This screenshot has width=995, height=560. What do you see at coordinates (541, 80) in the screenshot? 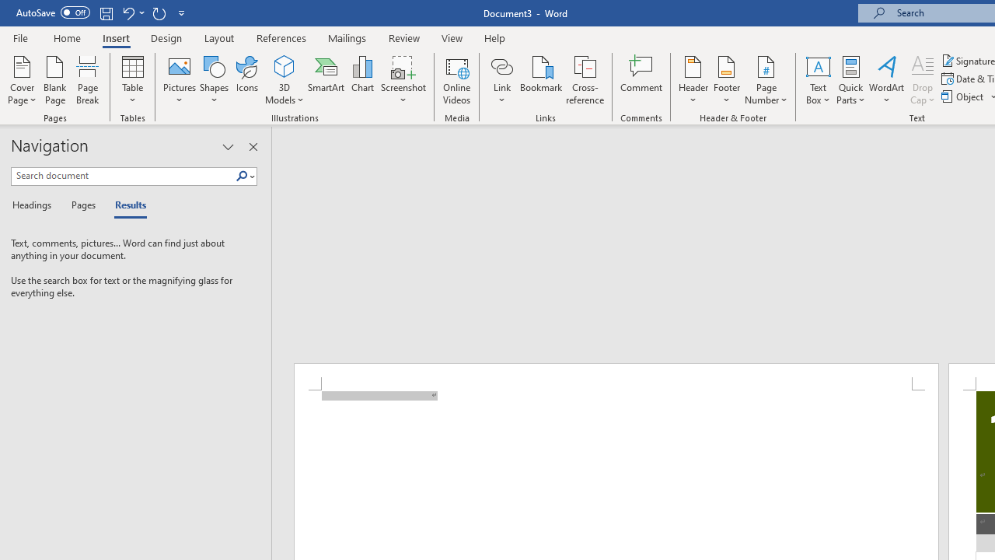
I see `'Bookmark...'` at bounding box center [541, 80].